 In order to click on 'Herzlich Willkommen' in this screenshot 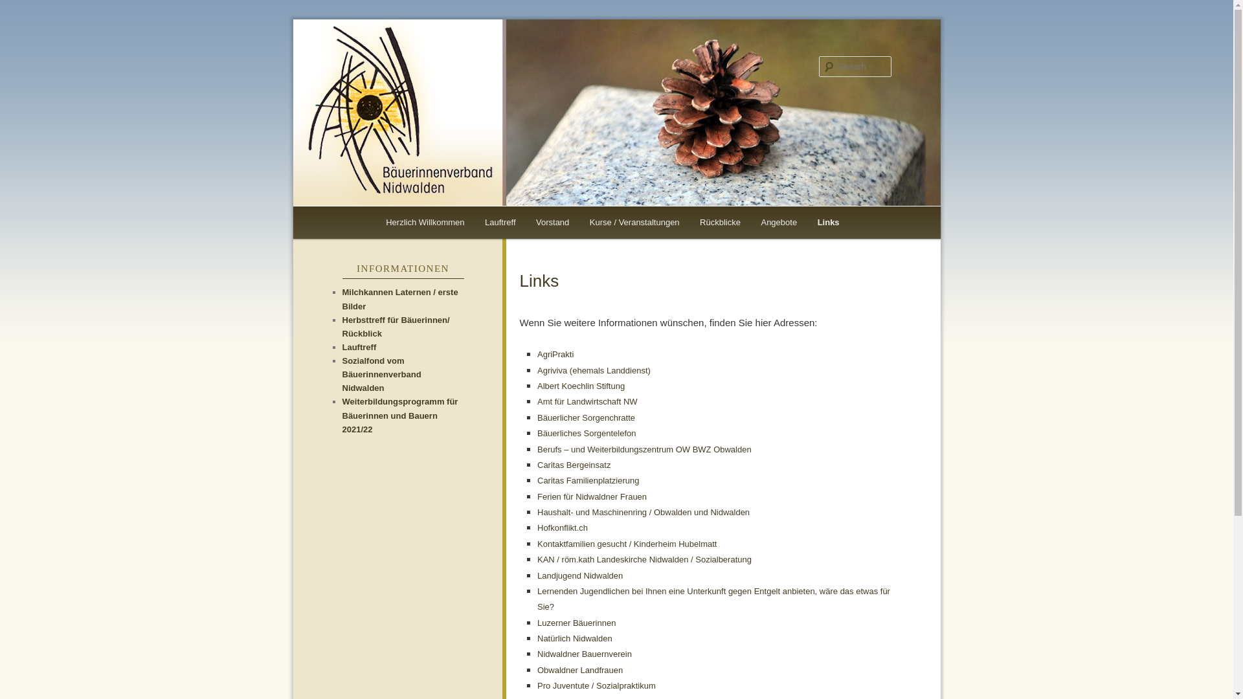, I will do `click(425, 221)`.